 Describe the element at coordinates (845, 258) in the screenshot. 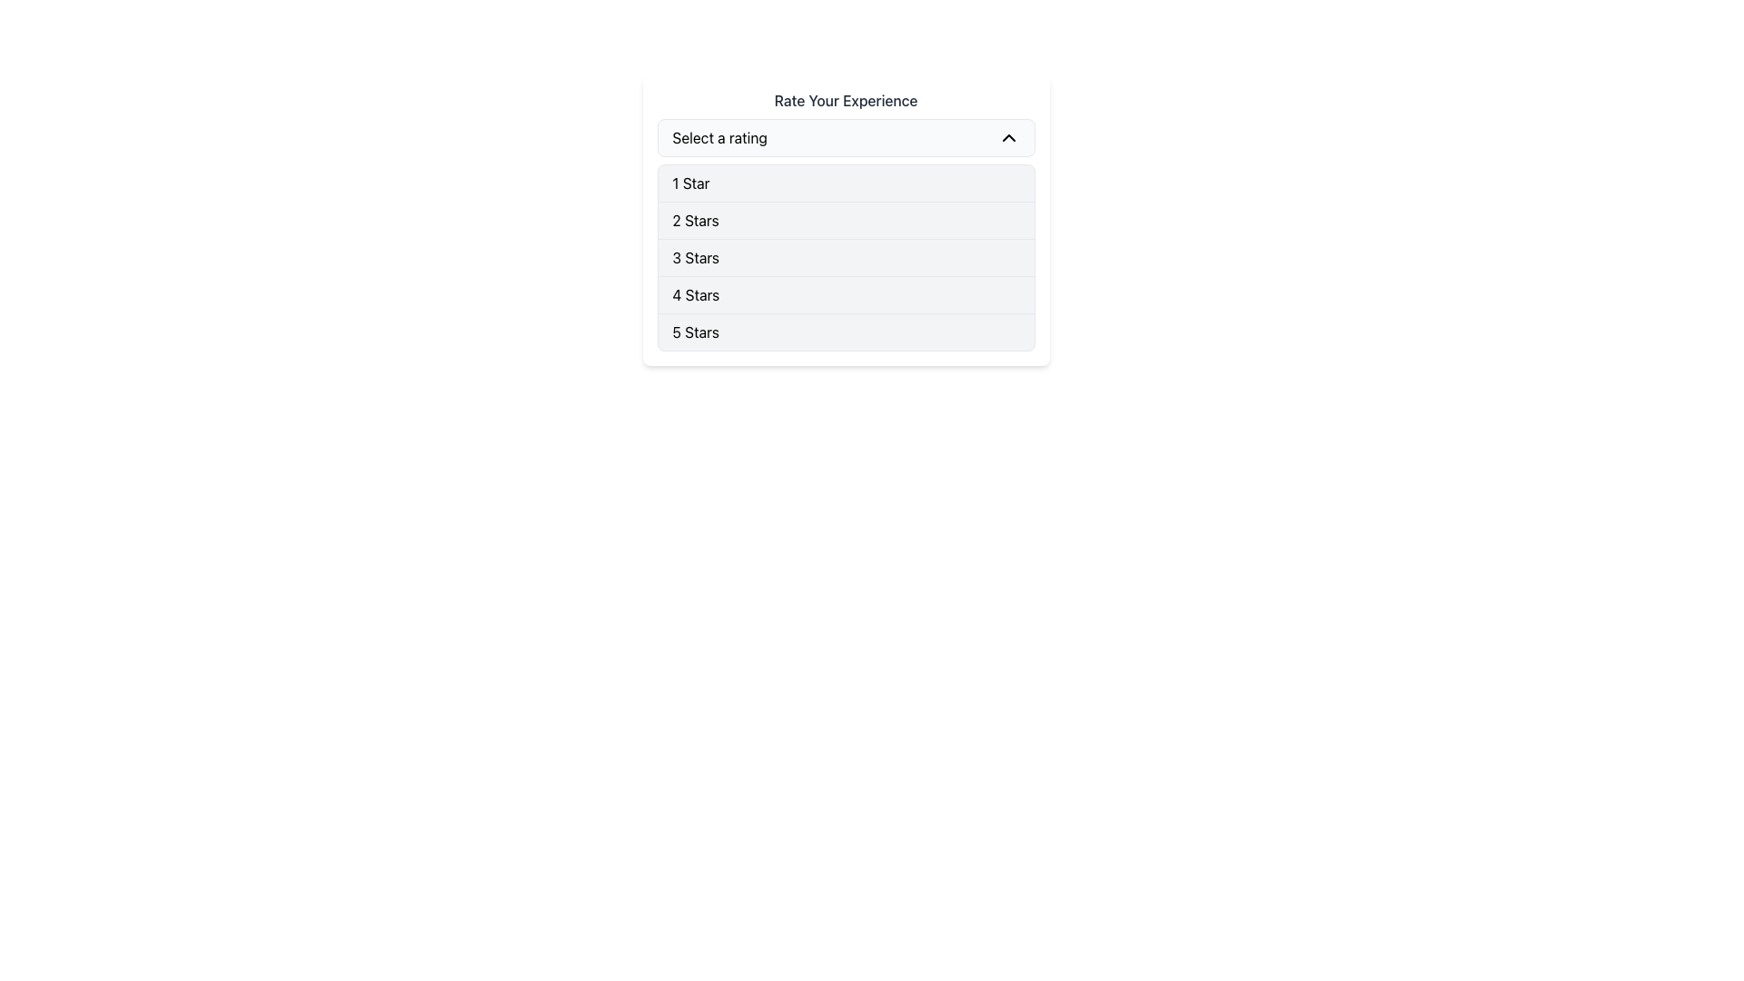

I see `the selectable list for rating options below the 'Select a rating' dropdown in the 'Rate Your Experience' card` at that location.